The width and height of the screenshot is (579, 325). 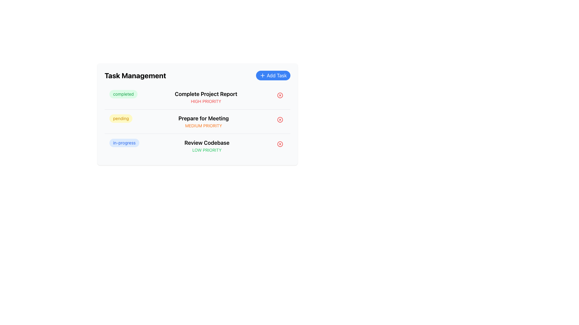 What do you see at coordinates (204, 125) in the screenshot?
I see `the 'Medium Priority' text label located directly below the task title 'Prepare for Meeting', which serves as a priority indicator for the associated task` at bounding box center [204, 125].